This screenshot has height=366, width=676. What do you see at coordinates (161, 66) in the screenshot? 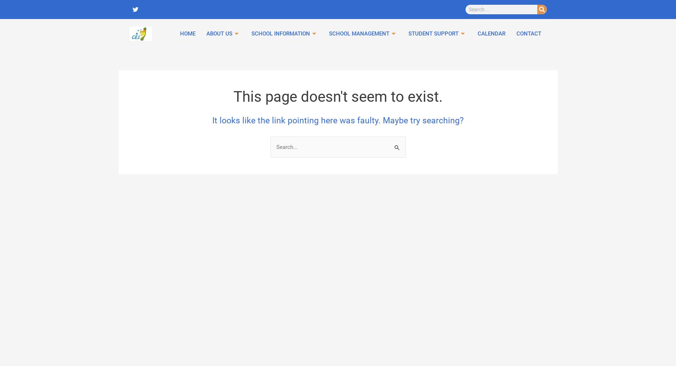
I see `'About us'` at bounding box center [161, 66].